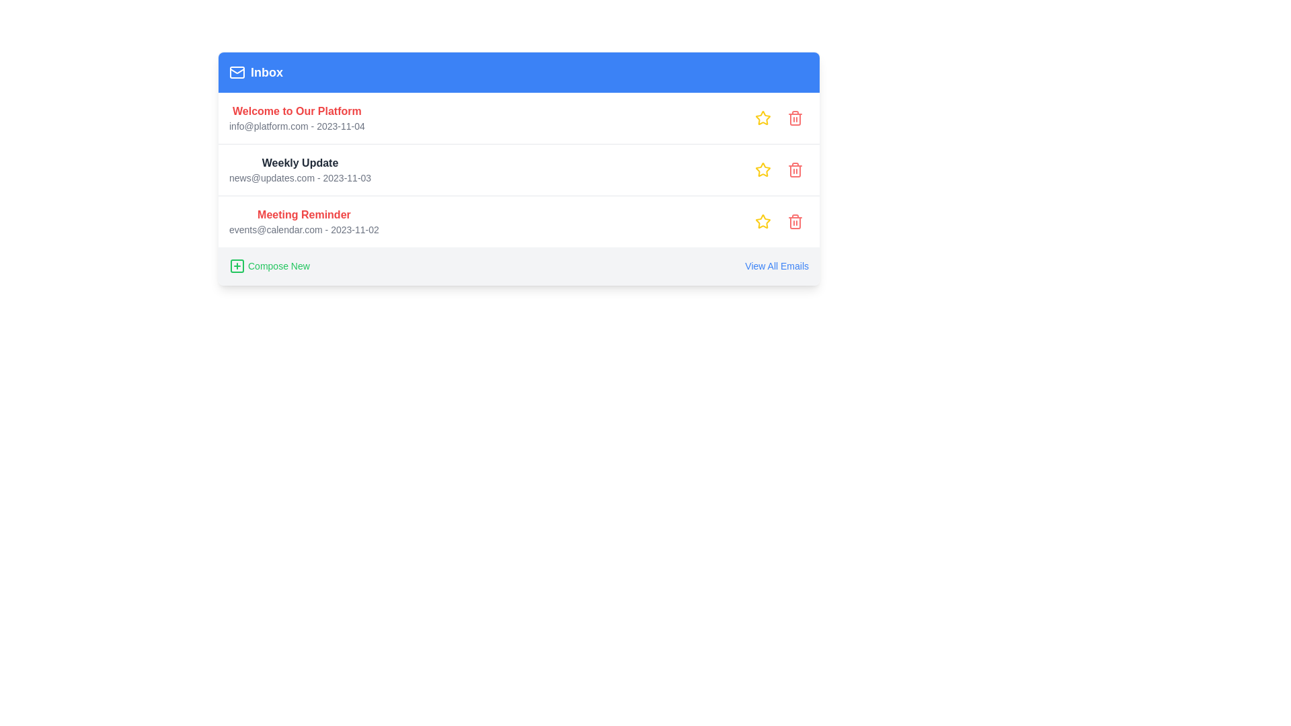 This screenshot has height=726, width=1291. I want to click on the title text label of the first message in the list, which is positioned in the upper-left of the message list interface, above the email address 'info@platform.com', so click(296, 110).